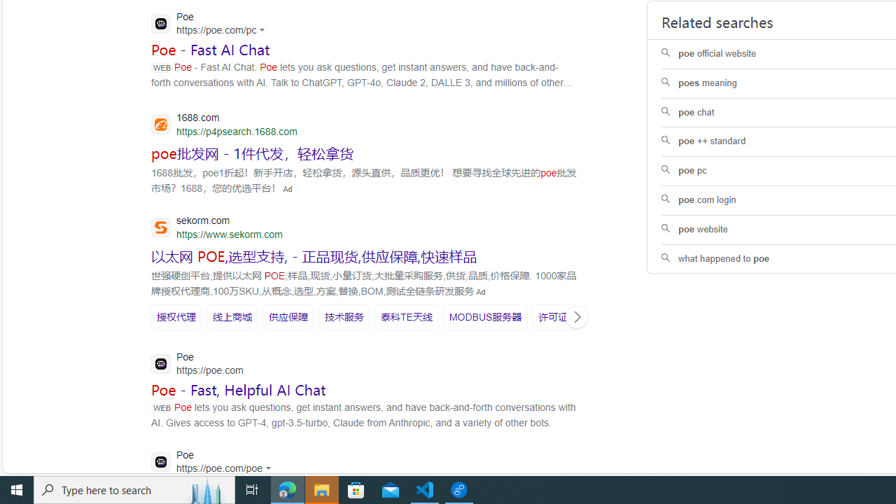 This screenshot has width=896, height=504. Describe the element at coordinates (576, 316) in the screenshot. I see `'Click to scroll right'` at that location.